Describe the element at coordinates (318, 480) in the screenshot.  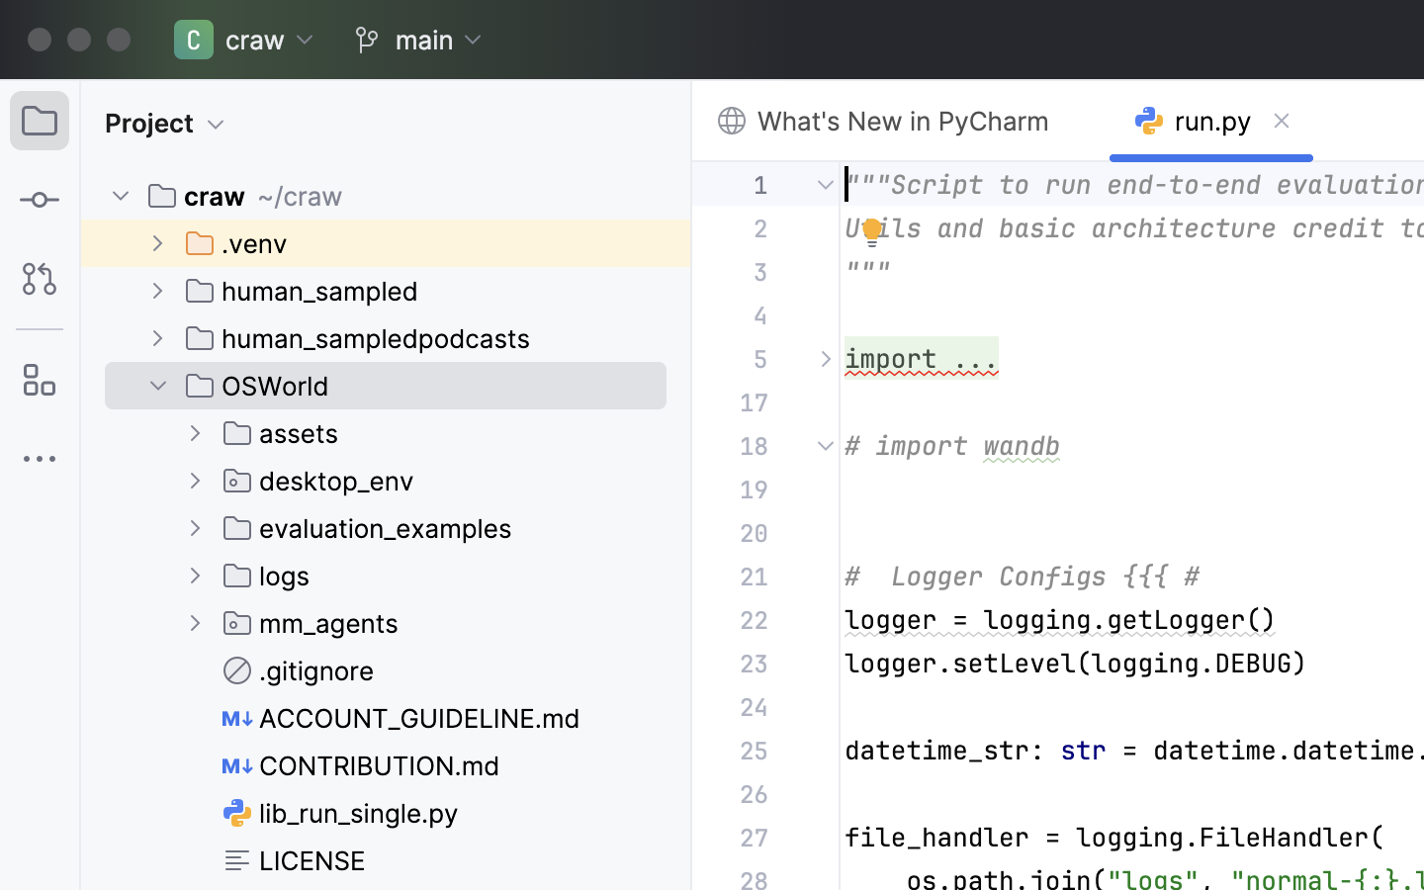
I see `'desktop_env'` at that location.